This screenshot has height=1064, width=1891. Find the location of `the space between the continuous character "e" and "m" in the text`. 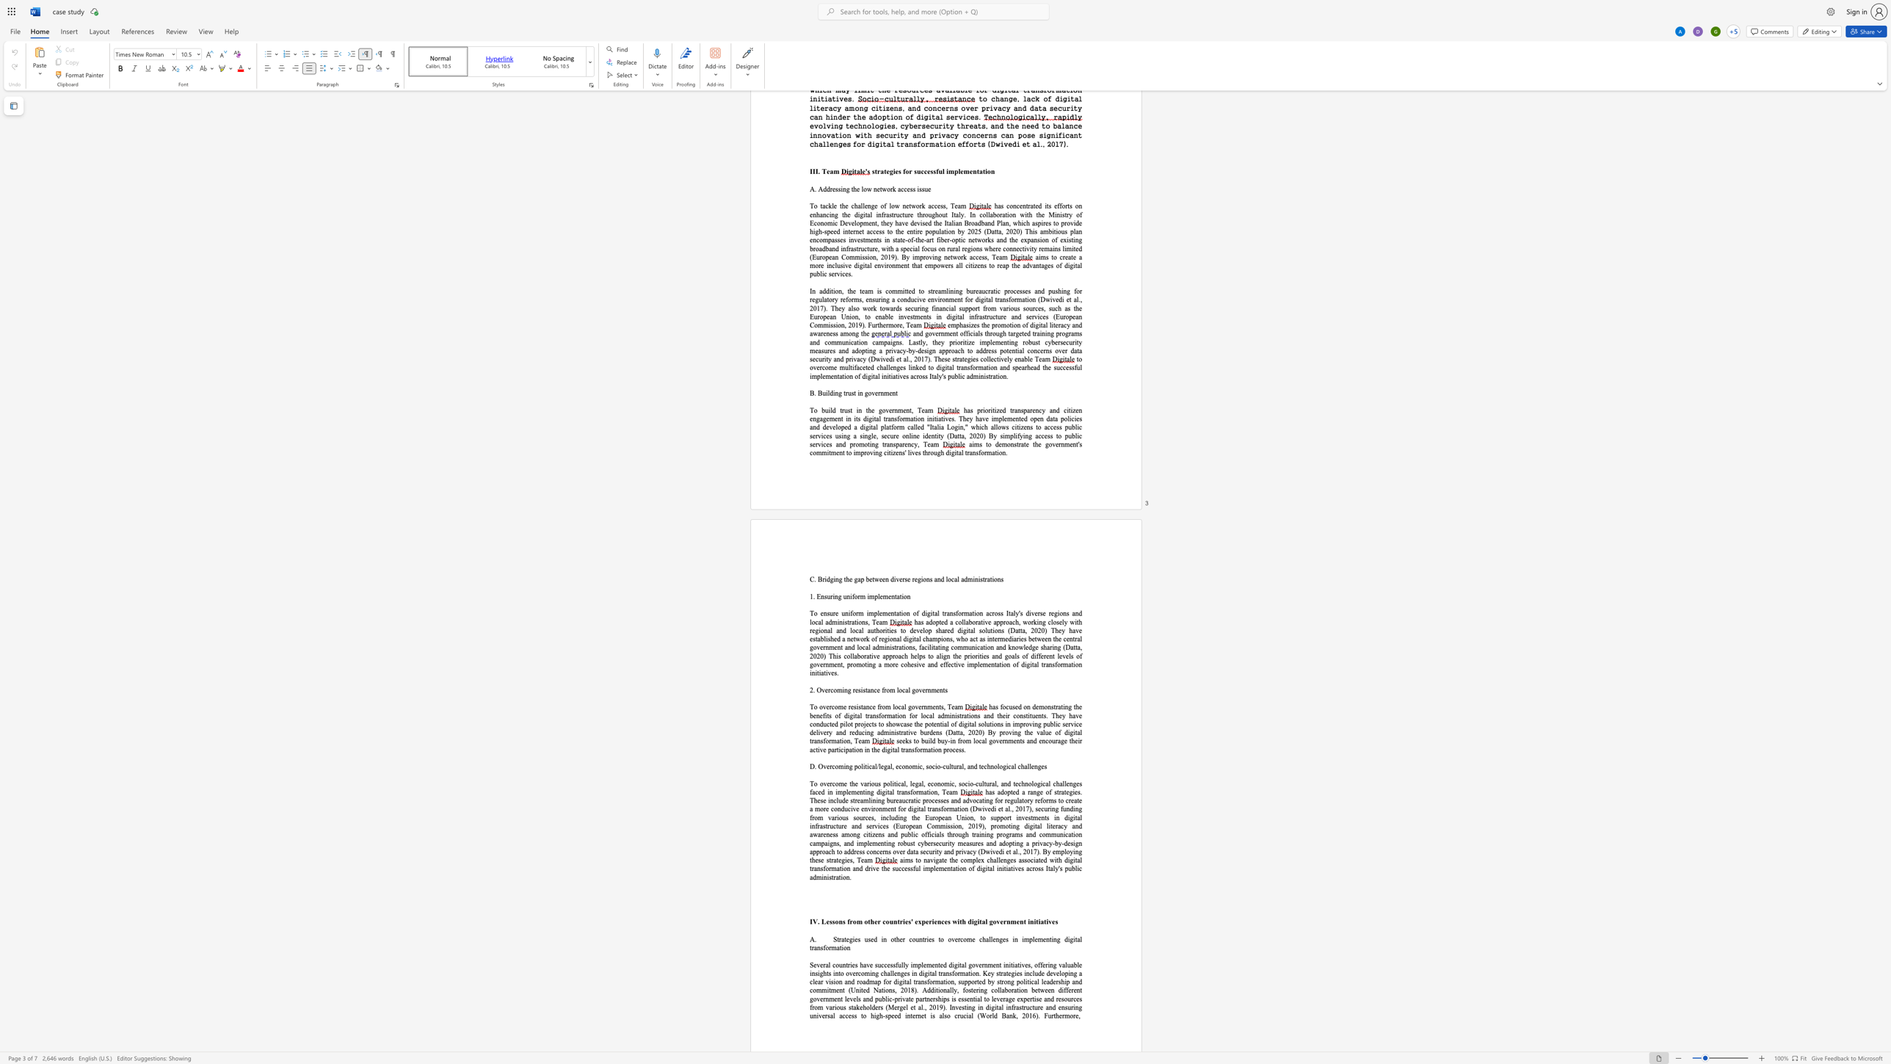

the space between the continuous character "e" and "m" in the text is located at coordinates (983, 664).